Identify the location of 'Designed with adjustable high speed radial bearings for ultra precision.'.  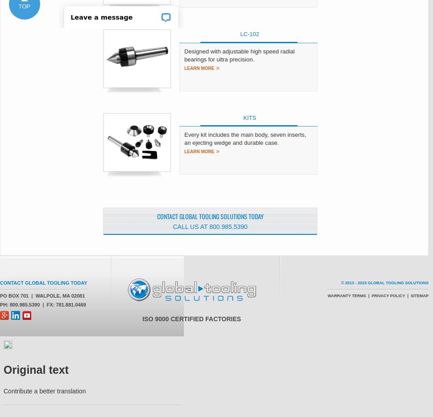
(184, 55).